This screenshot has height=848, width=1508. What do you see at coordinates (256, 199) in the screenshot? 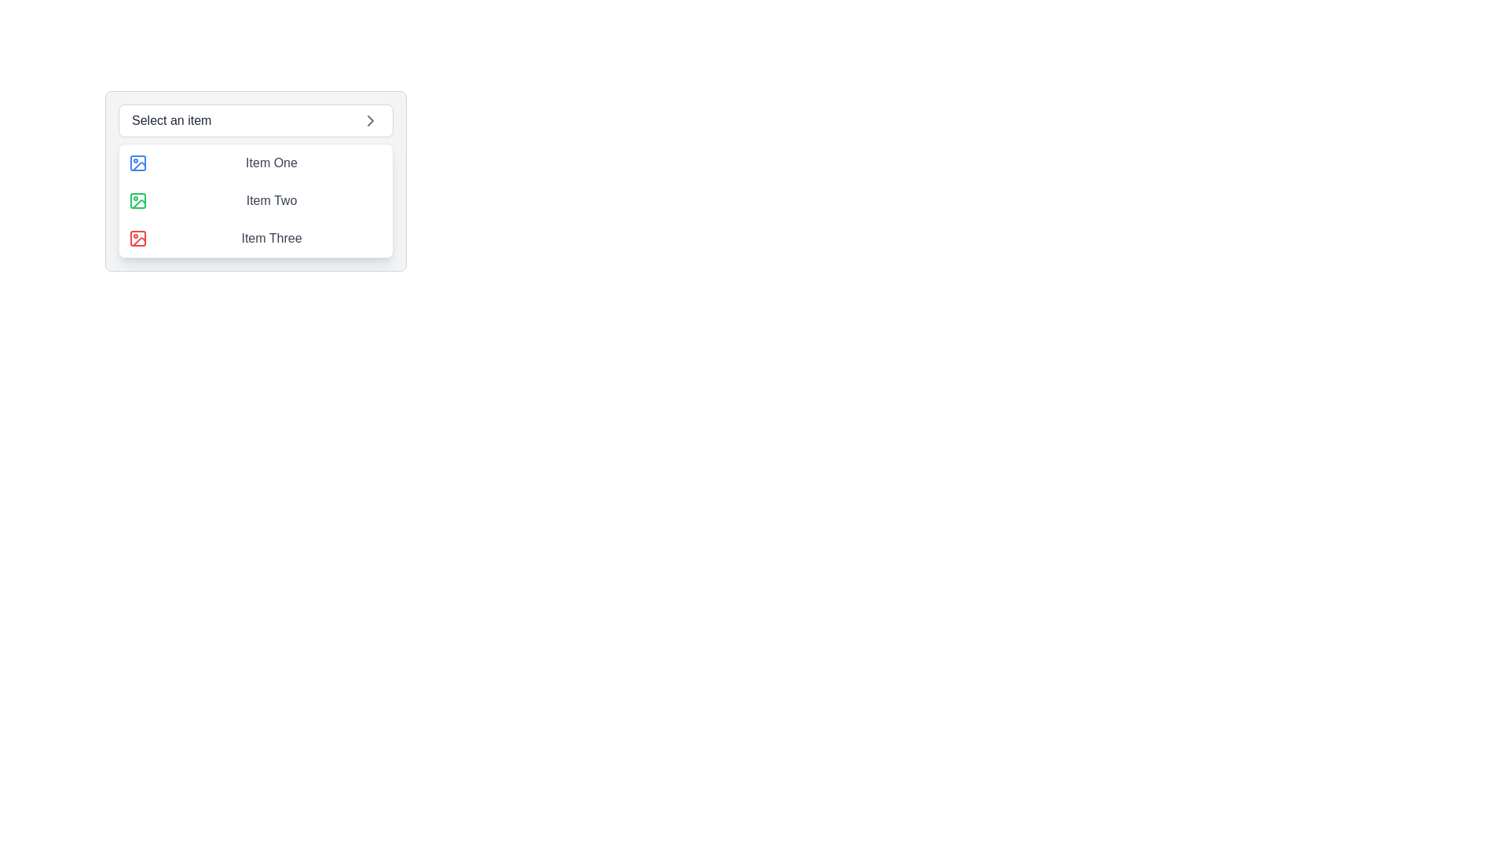
I see `the second item in the dropdown menu list, located between 'Item One' and 'Item Three'` at bounding box center [256, 199].